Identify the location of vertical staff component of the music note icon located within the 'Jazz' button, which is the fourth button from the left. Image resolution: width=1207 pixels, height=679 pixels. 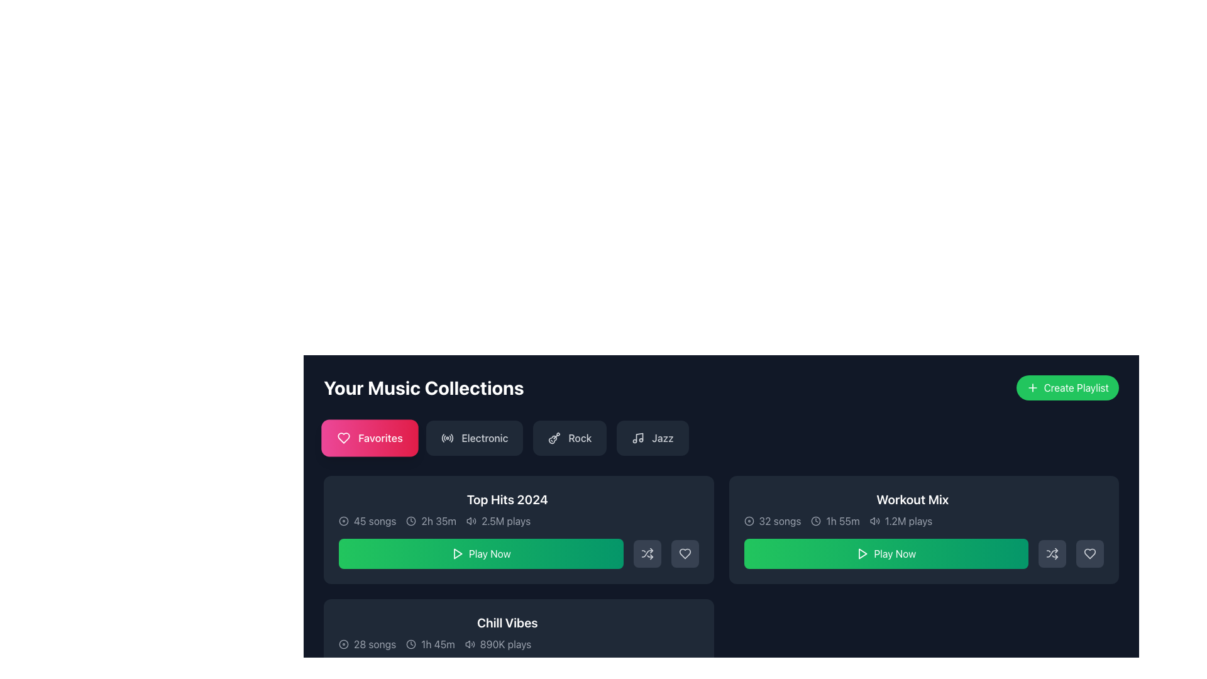
(639, 436).